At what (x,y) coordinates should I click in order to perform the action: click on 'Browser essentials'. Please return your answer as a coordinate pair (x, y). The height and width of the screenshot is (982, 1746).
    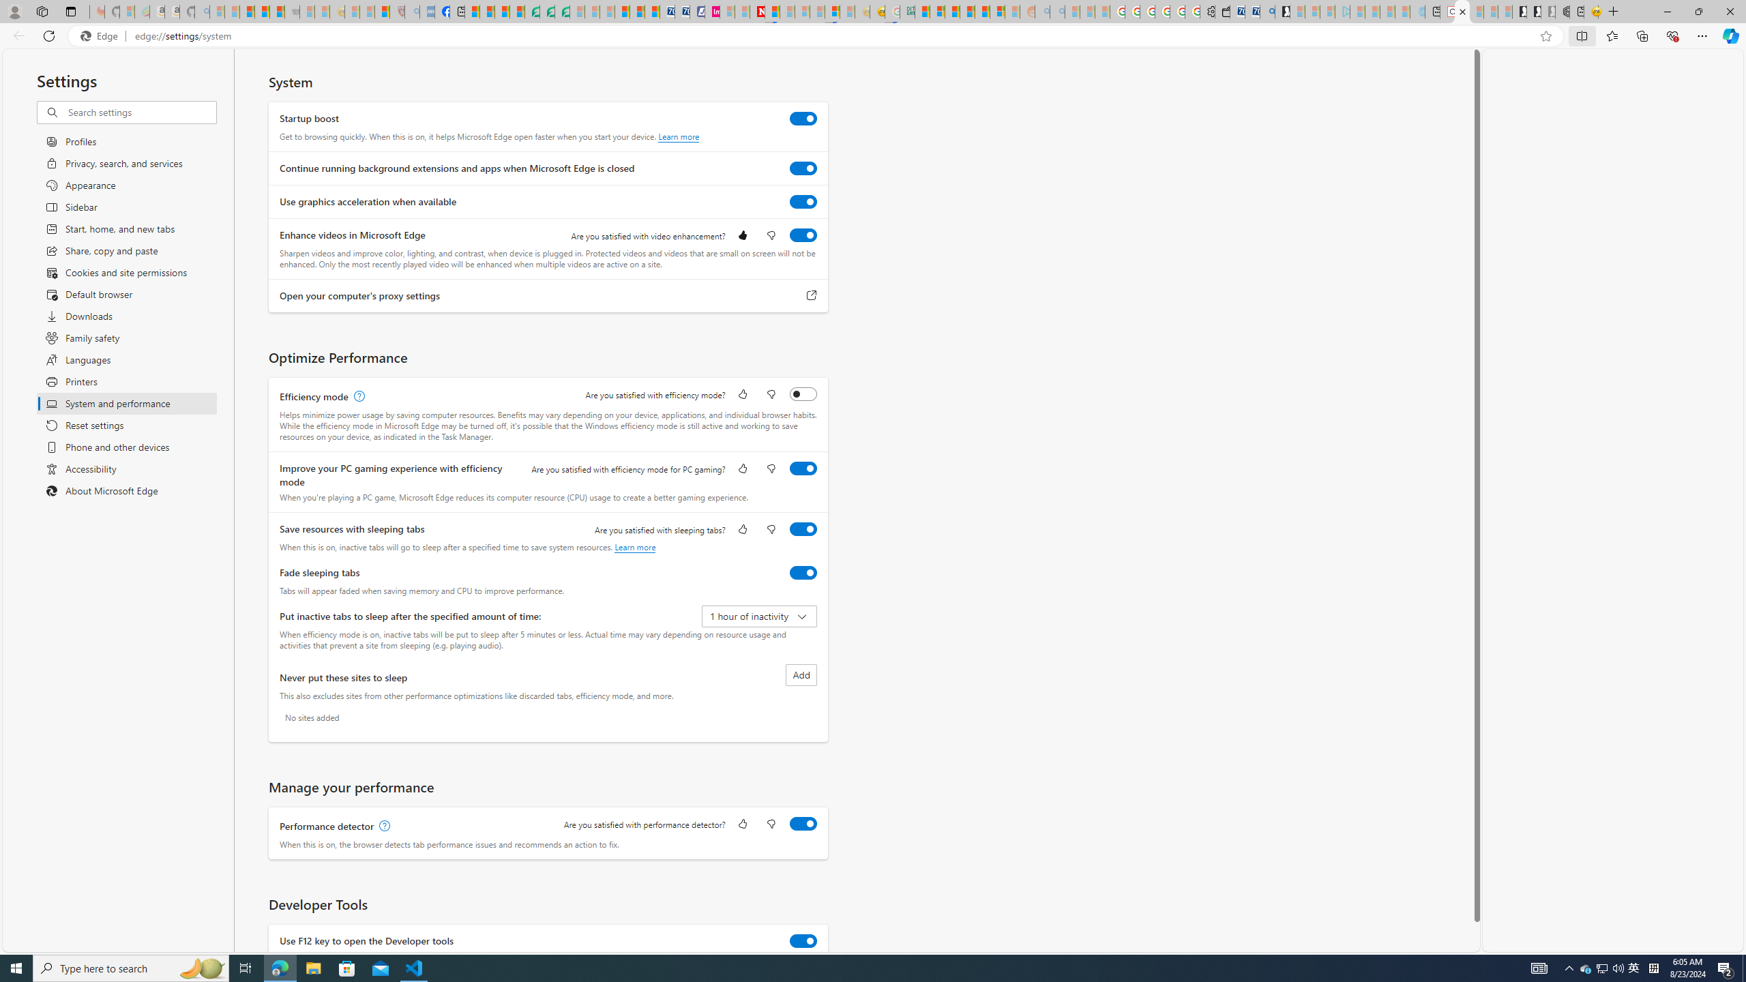
    Looking at the image, I should click on (1672, 35).